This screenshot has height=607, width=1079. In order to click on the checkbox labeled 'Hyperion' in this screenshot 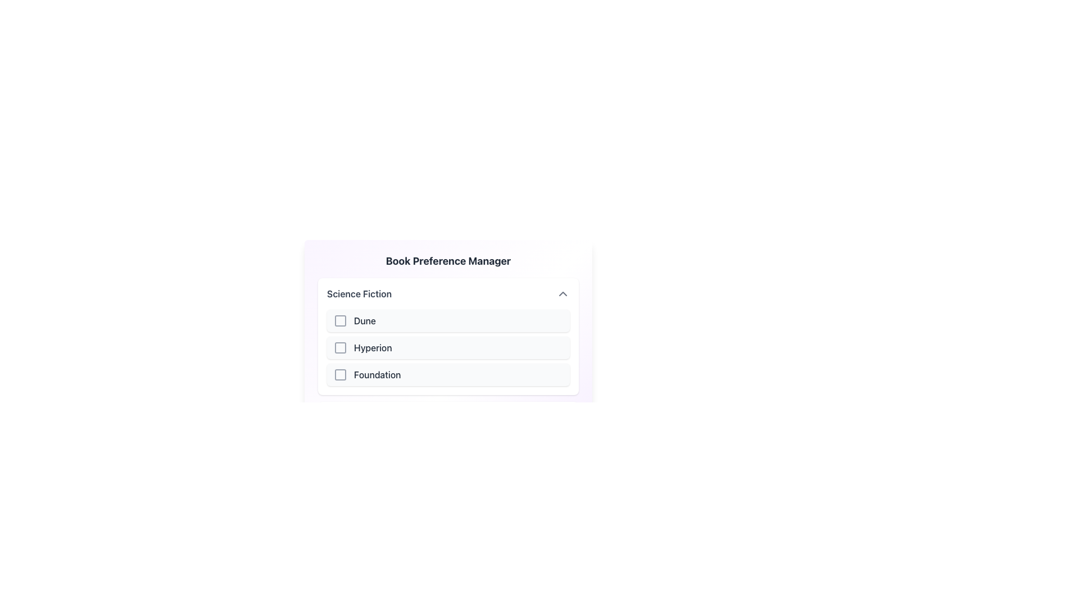, I will do `click(447, 347)`.